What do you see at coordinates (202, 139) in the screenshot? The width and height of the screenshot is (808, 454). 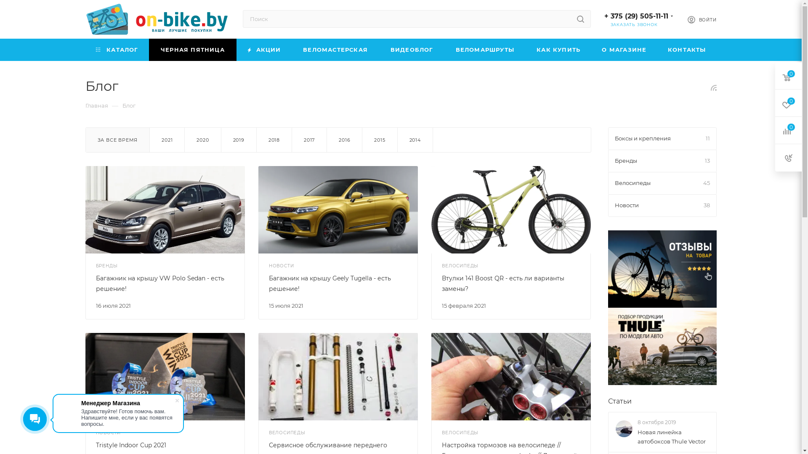 I see `'2020'` at bounding box center [202, 139].